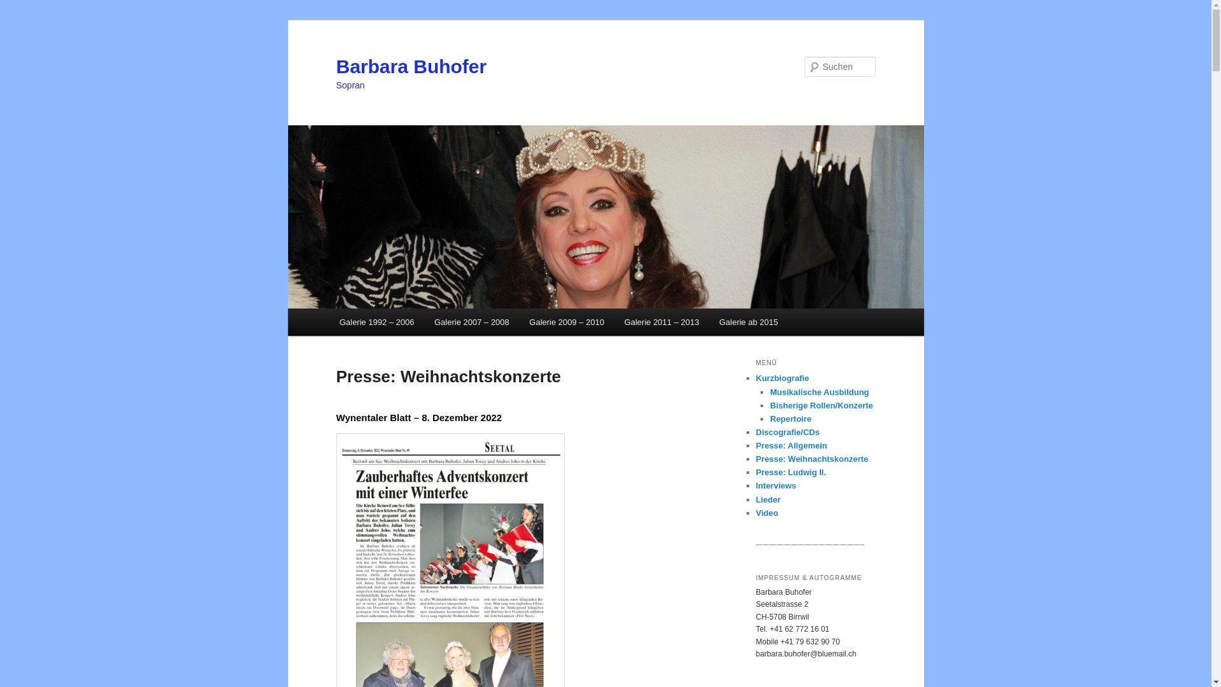  Describe the element at coordinates (19, 19) in the screenshot. I see `'Zum Inhalt wechseln'` at that location.